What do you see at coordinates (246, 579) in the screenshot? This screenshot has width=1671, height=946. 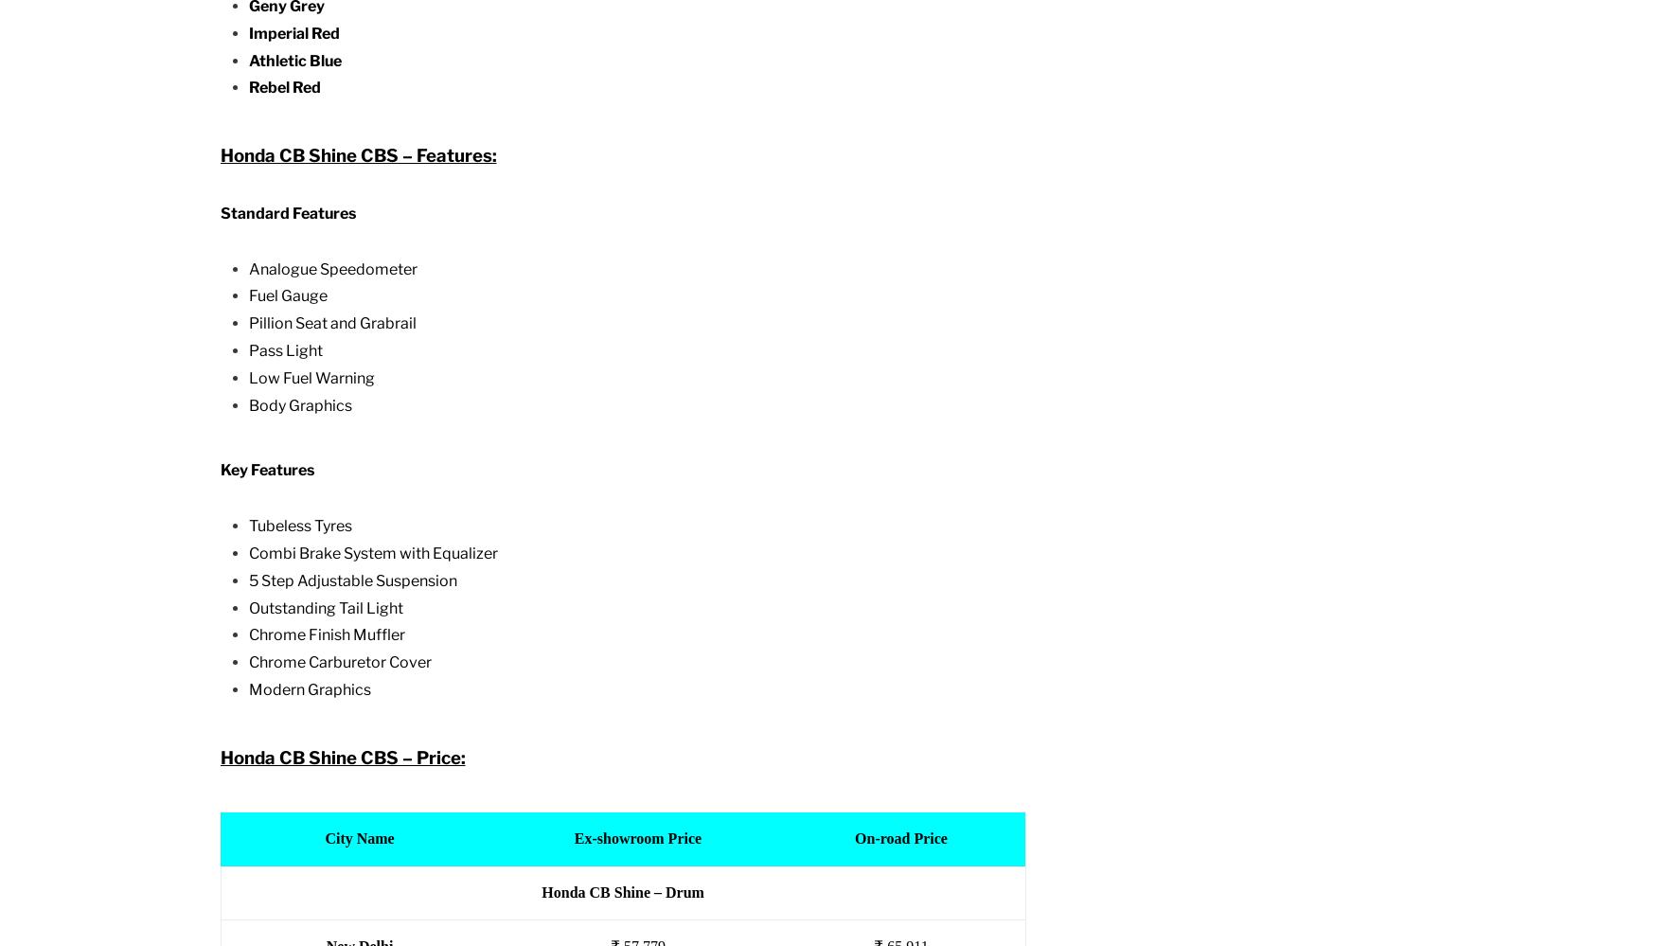 I see `'5 Step Adjustable Suspension'` at bounding box center [246, 579].